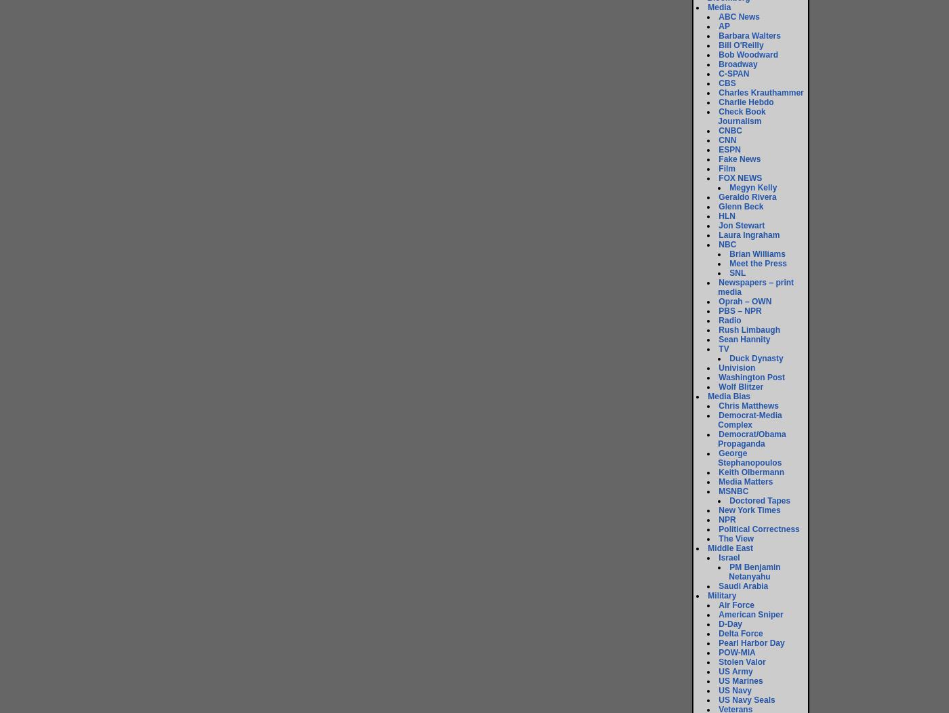 This screenshot has height=713, width=949. I want to click on 'Democrat/Obama Propaganda', so click(751, 439).